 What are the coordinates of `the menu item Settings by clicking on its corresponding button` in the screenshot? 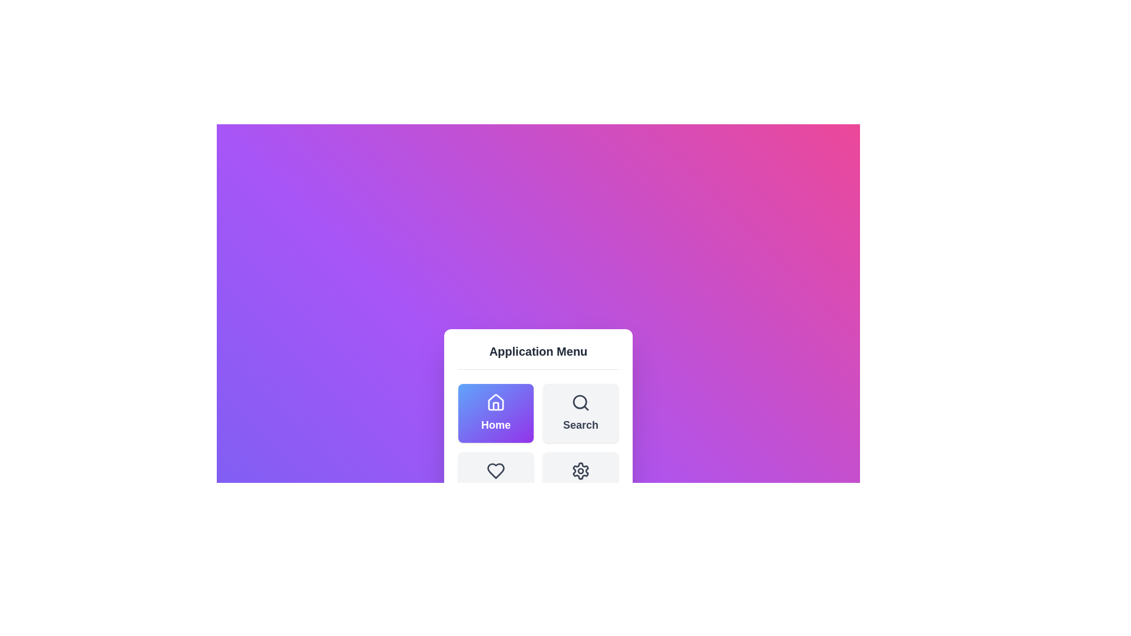 It's located at (581, 481).